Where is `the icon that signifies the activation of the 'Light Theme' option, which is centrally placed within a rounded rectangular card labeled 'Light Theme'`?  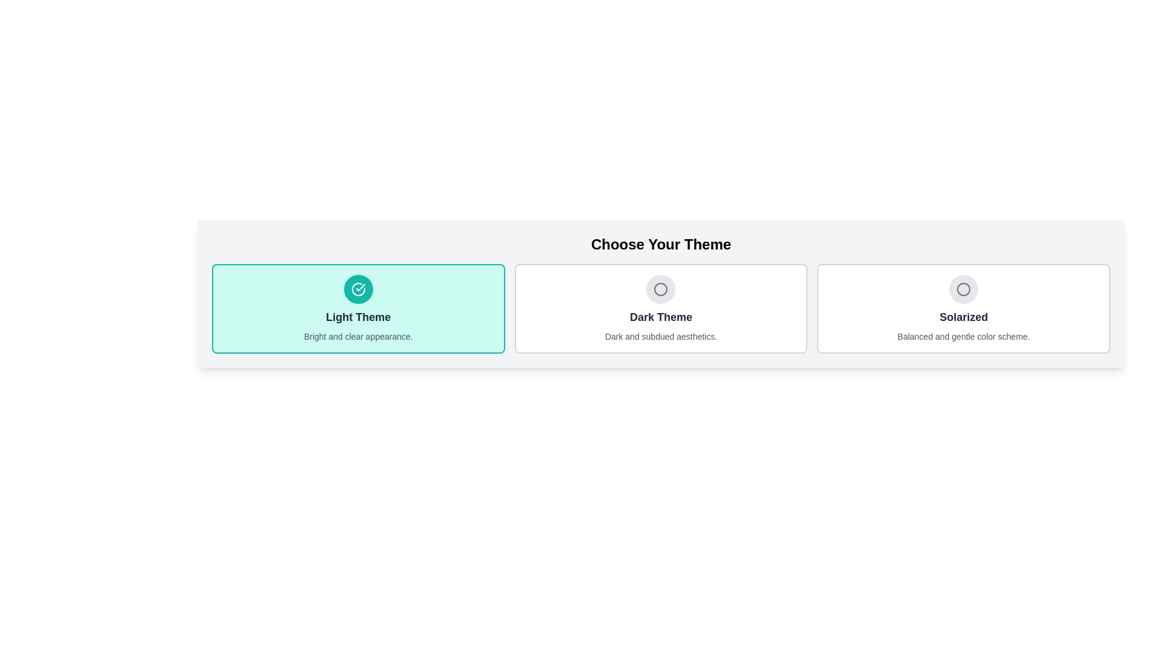 the icon that signifies the activation of the 'Light Theme' option, which is centrally placed within a rounded rectangular card labeled 'Light Theme' is located at coordinates (357, 289).